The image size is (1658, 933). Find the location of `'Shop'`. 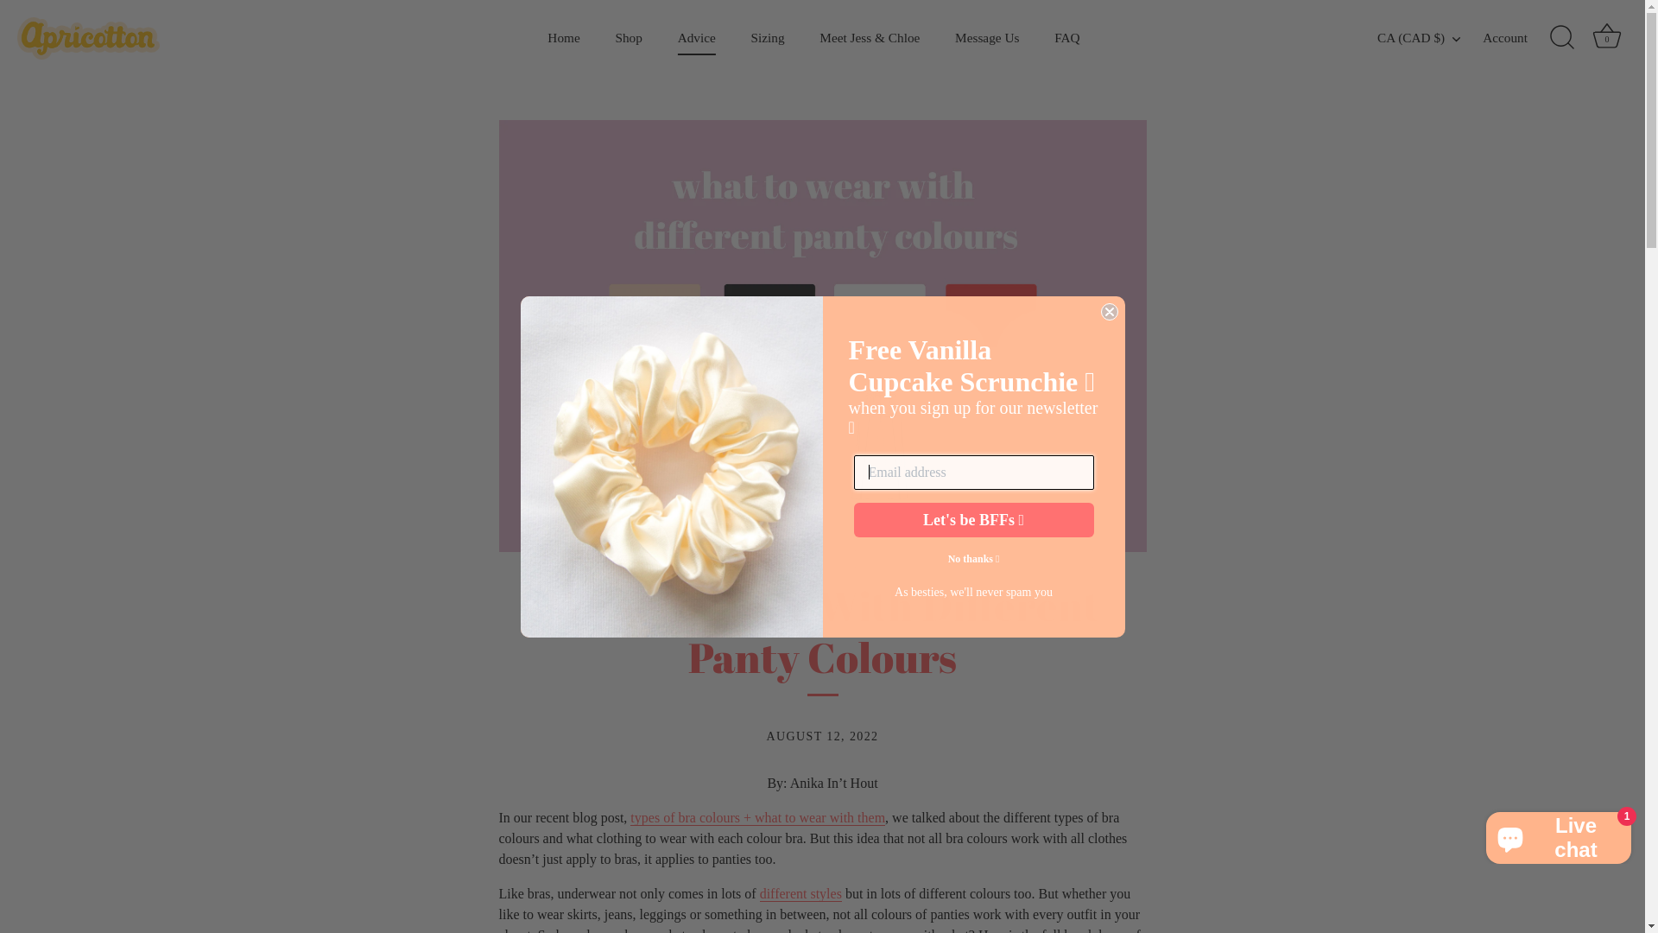

'Shop' is located at coordinates (599, 38).